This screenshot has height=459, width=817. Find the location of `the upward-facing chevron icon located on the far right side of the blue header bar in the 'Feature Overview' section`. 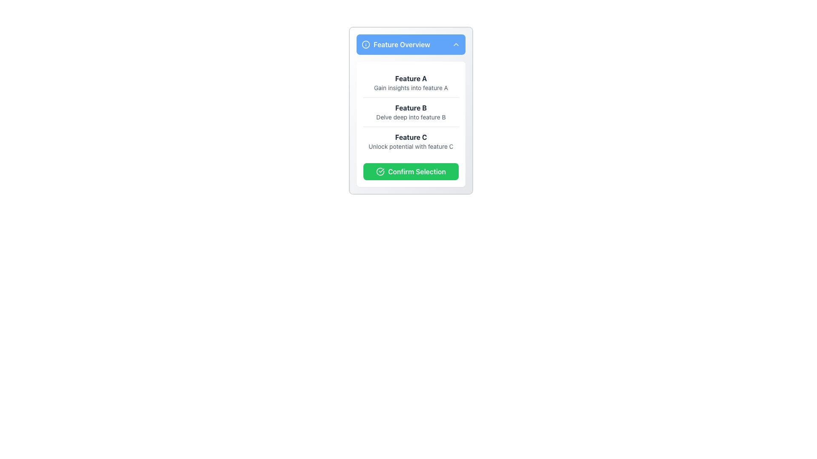

the upward-facing chevron icon located on the far right side of the blue header bar in the 'Feature Overview' section is located at coordinates (455, 44).